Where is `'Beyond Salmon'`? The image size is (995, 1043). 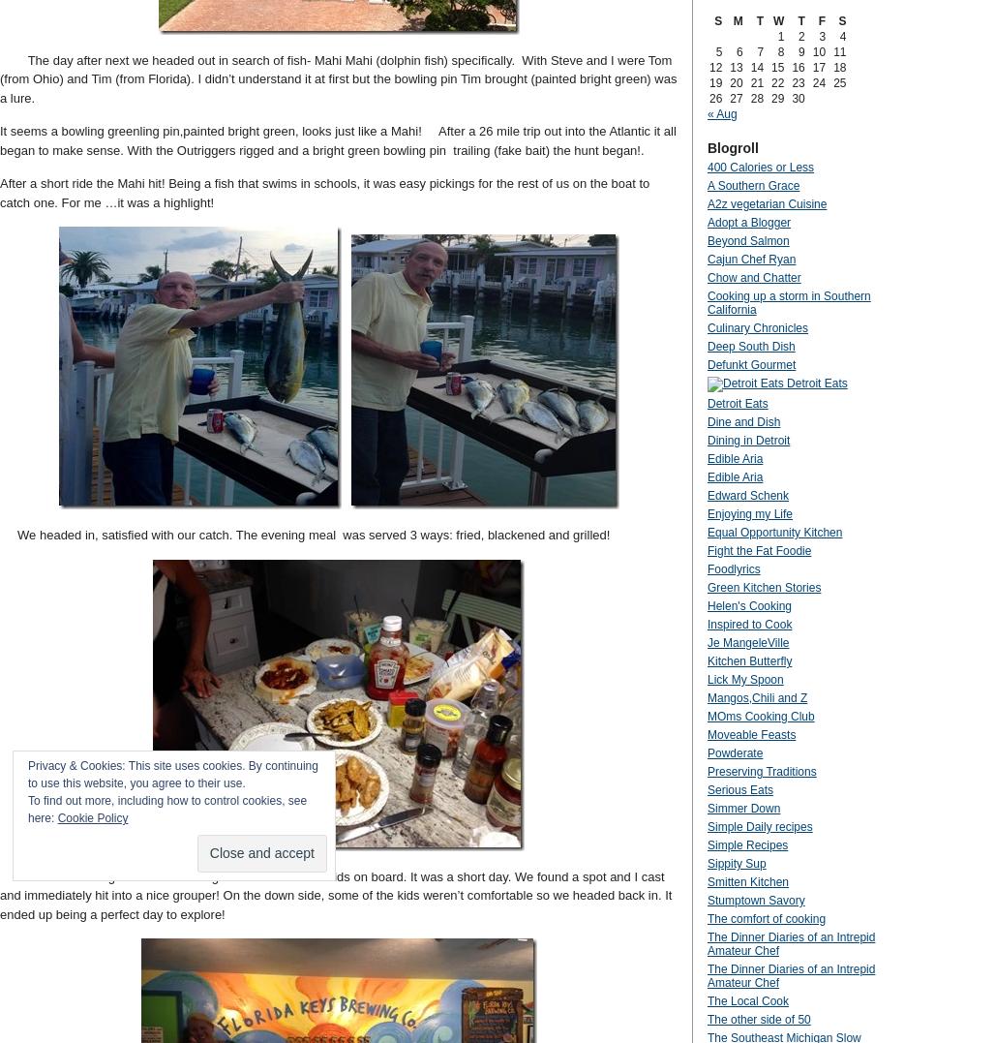 'Beyond Salmon' is located at coordinates (747, 240).